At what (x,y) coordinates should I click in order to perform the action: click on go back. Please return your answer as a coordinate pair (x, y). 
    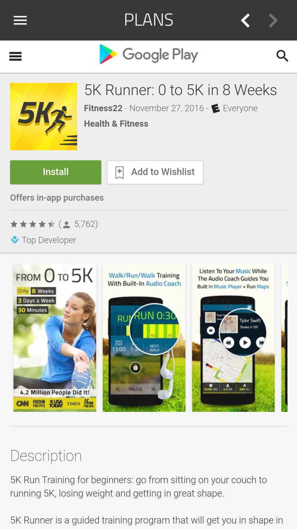
    Looking at the image, I should click on (245, 20).